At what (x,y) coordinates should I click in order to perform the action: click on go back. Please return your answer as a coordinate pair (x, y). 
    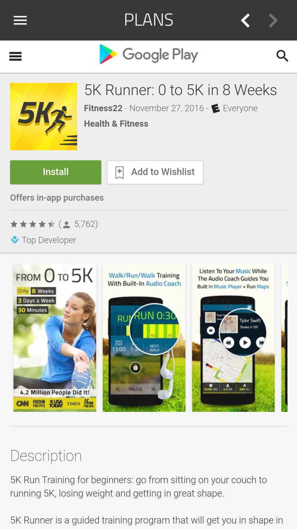
    Looking at the image, I should click on (245, 20).